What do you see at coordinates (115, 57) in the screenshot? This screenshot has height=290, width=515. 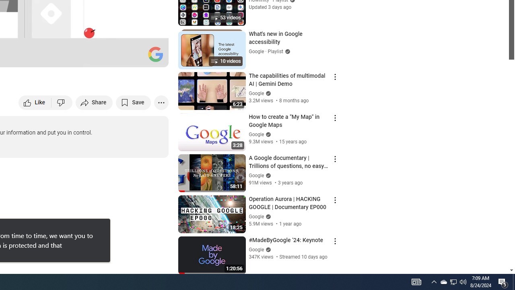 I see `'Miniplayer (i)'` at bounding box center [115, 57].